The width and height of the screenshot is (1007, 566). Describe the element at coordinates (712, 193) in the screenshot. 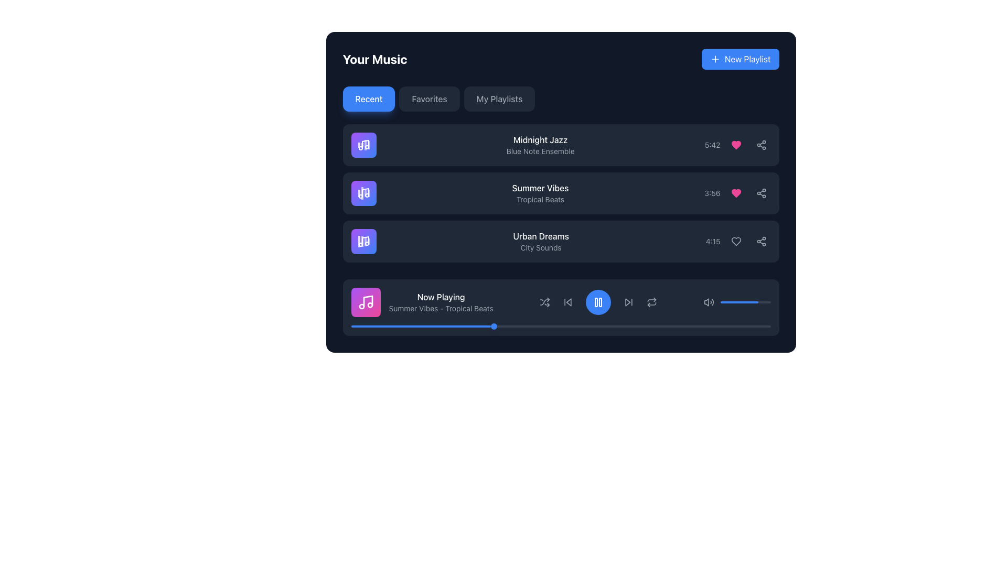

I see `the text label displaying '3:56' for the song 'Summer Vibes' by 'Tropical Beats', which is styled in gray and located to the left of the heart icon` at that location.